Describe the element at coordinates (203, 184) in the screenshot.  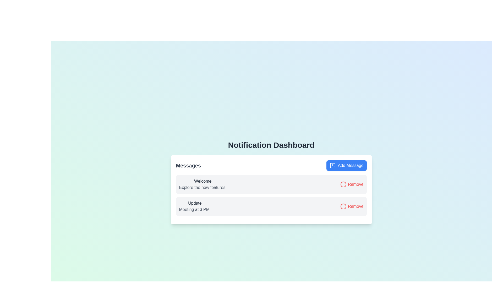
I see `the Static text display that shows 'Welcome' and 'Explore the new features.' in the first notification block of the 'Messages' section` at that location.